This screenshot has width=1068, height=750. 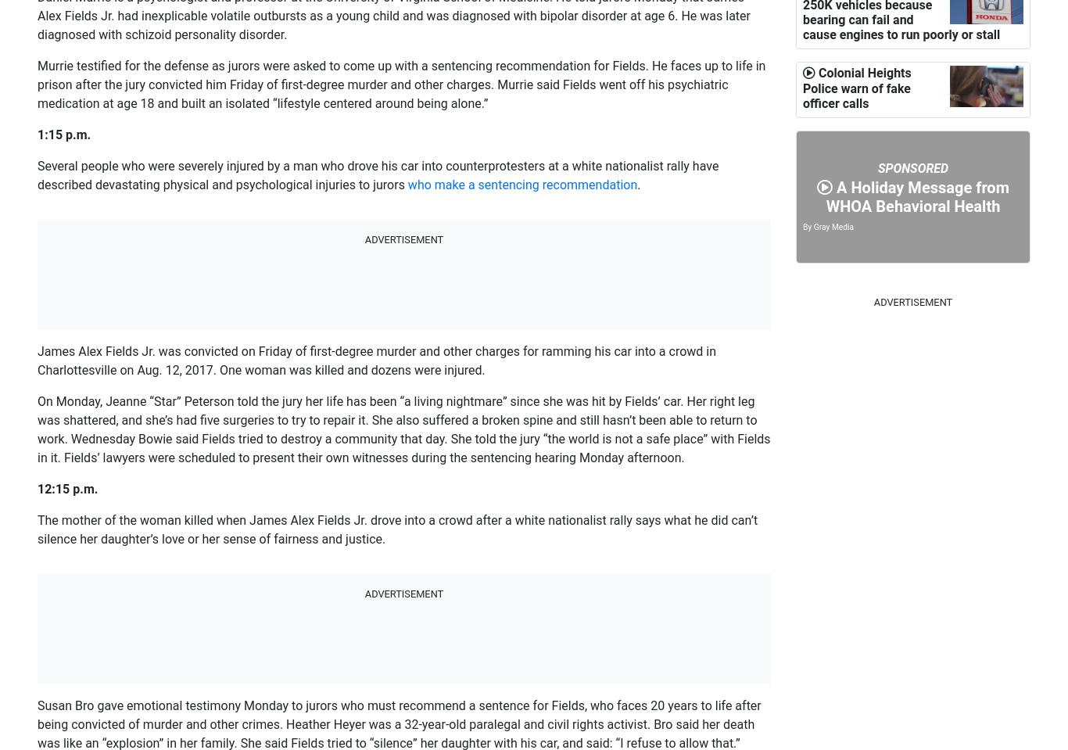 What do you see at coordinates (378, 175) in the screenshot?
I see `'Several people who were severely injured by a man who drove his car into counterprotesters at a white nationalist rally have described devastating physical and psychological injuries to jurors'` at bounding box center [378, 175].